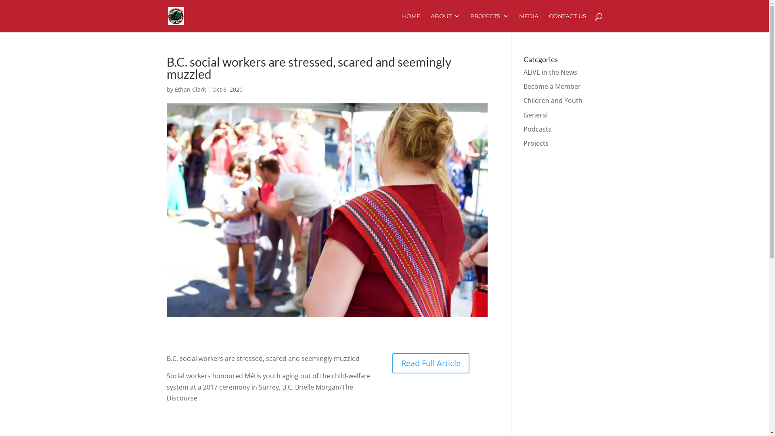  What do you see at coordinates (529, 22) in the screenshot?
I see `'MEDIA'` at bounding box center [529, 22].